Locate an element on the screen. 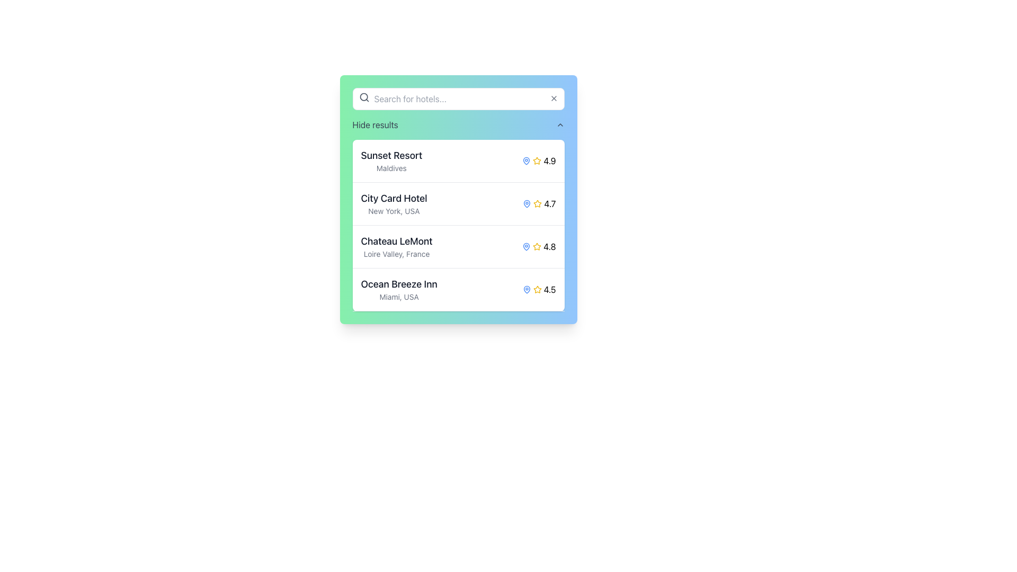 This screenshot has width=1017, height=572. the star rating icon located to the left of the numeric rating '4.7' for the City Card Hotel in New York, USA is located at coordinates (538, 204).